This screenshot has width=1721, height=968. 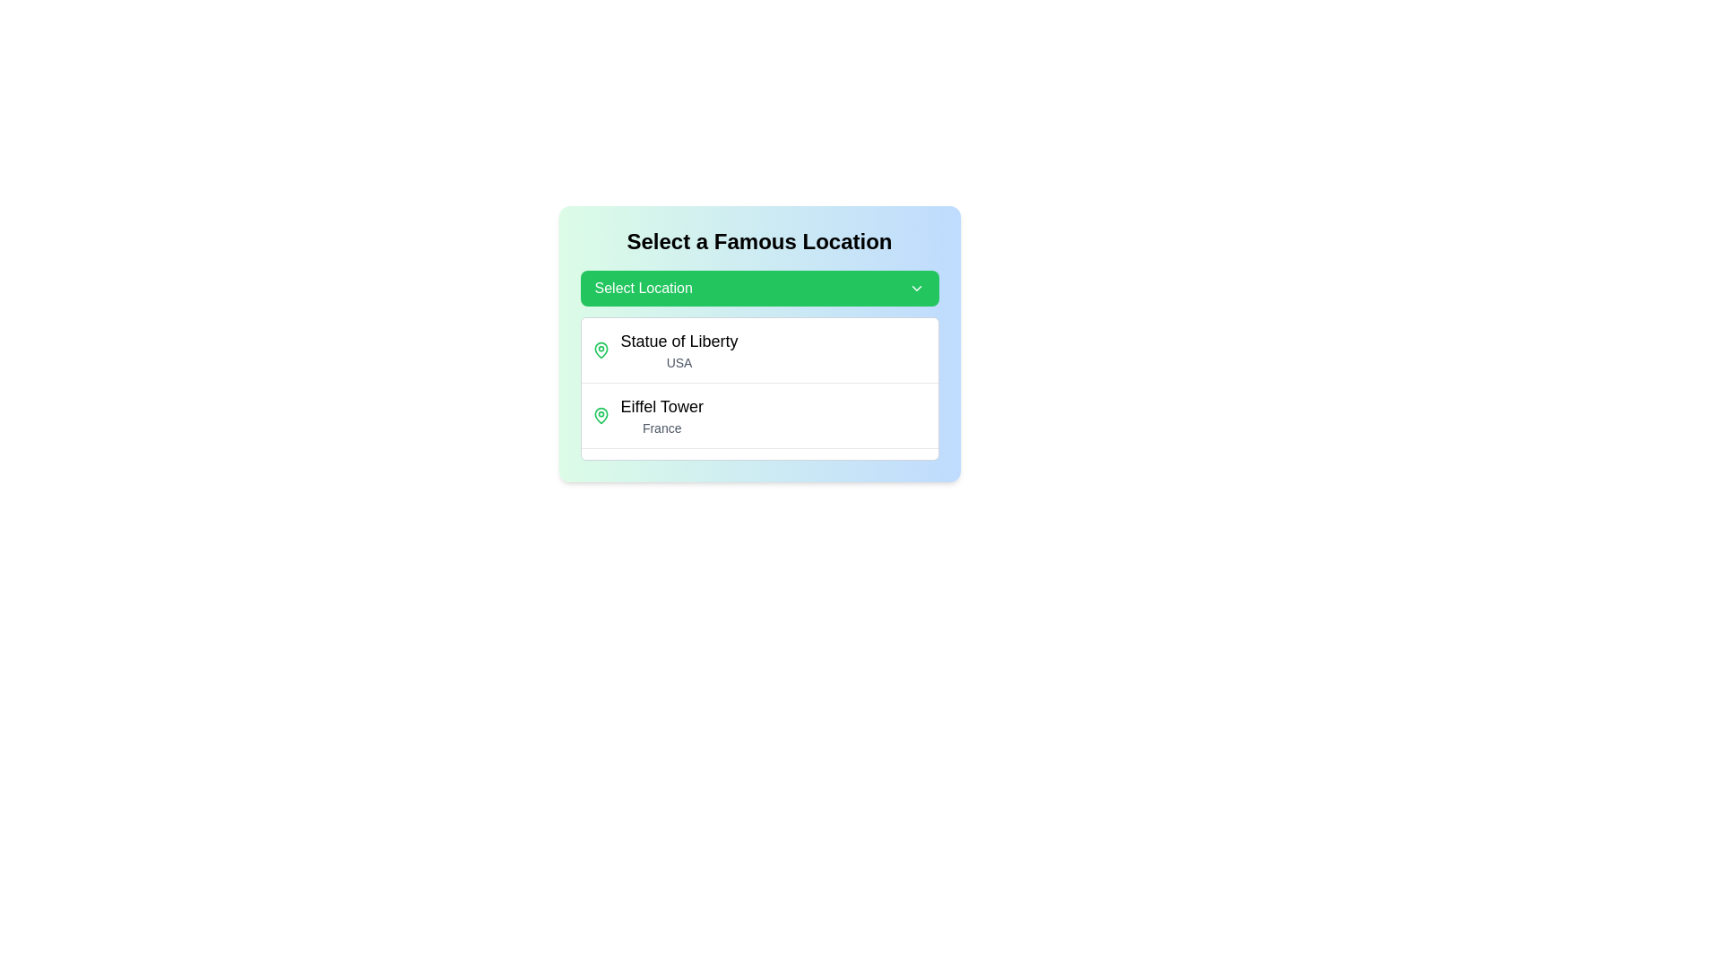 What do you see at coordinates (759, 388) in the screenshot?
I see `the Dropdown menu list for selecting famous landmarks, which is centered beneath the 'Select Location' button` at bounding box center [759, 388].